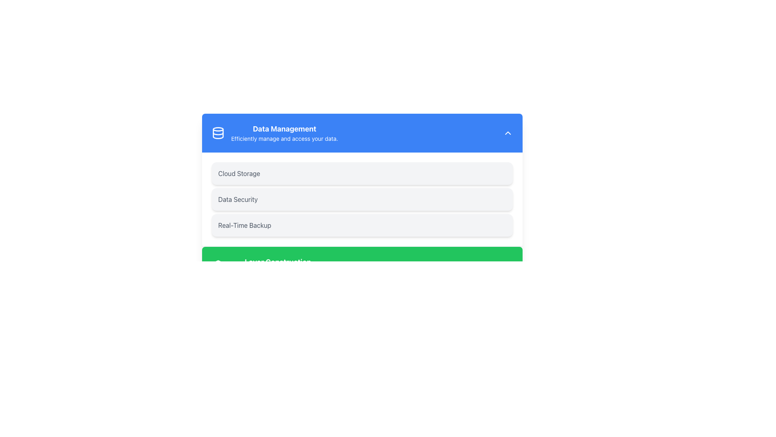  Describe the element at coordinates (362, 199) in the screenshot. I see `the 'Data Security' card located directly beneath the 'Cloud Storage' card and above the 'Real-Time Backup' card in the vertically stacked list` at that location.